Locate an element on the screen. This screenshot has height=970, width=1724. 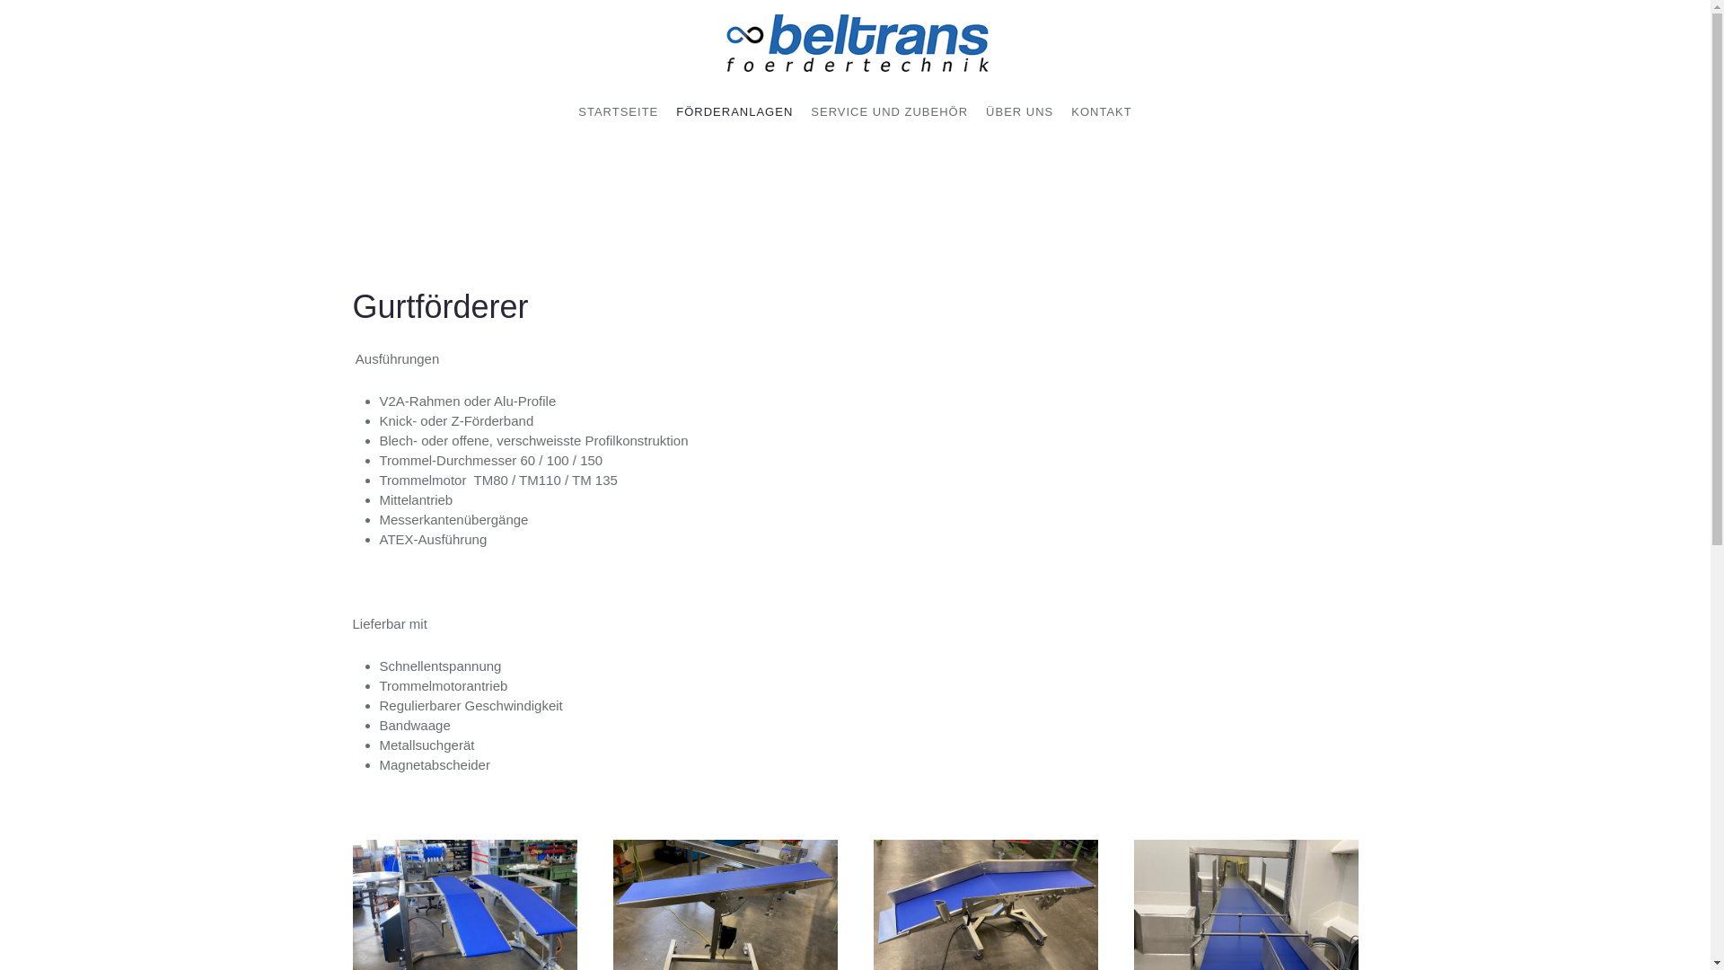
'STARTSEITE' is located at coordinates (618, 111).